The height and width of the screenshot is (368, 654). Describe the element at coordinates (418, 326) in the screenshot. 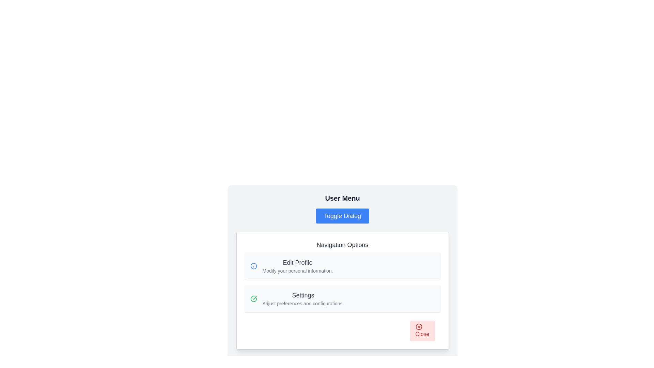

I see `the Circular close button icon located at the bottom-right corner of the dialog box` at that location.